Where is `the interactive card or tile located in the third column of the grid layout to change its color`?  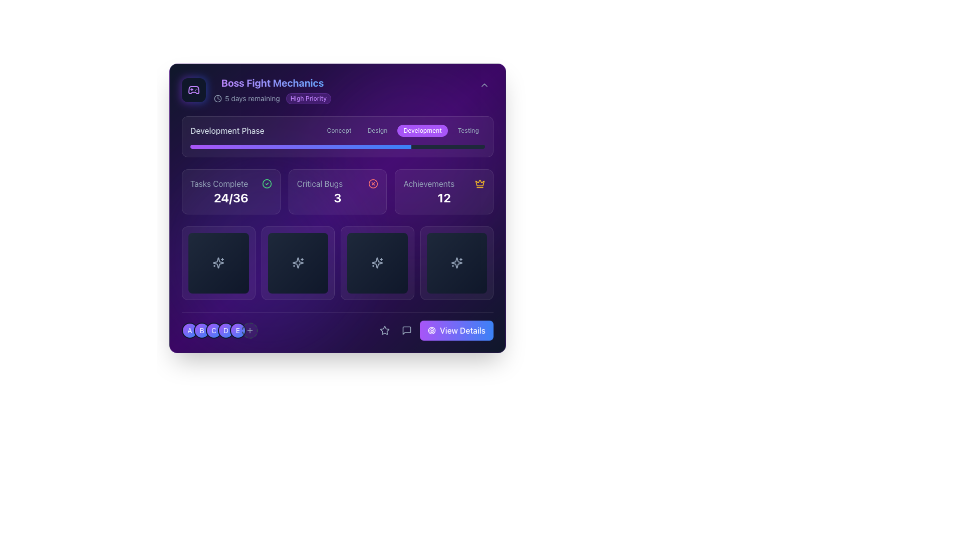
the interactive card or tile located in the third column of the grid layout to change its color is located at coordinates (377, 262).